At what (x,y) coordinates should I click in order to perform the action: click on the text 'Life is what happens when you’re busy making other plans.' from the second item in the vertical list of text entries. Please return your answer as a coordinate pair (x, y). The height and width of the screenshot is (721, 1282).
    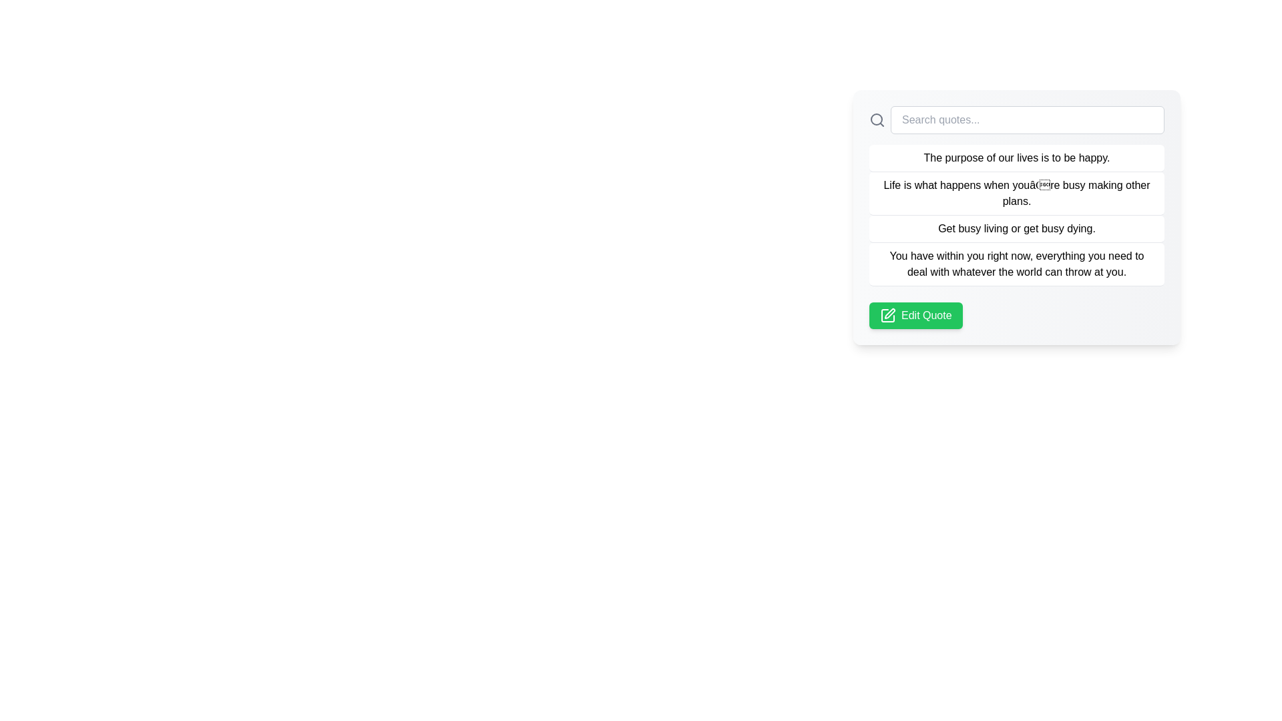
    Looking at the image, I should click on (1016, 215).